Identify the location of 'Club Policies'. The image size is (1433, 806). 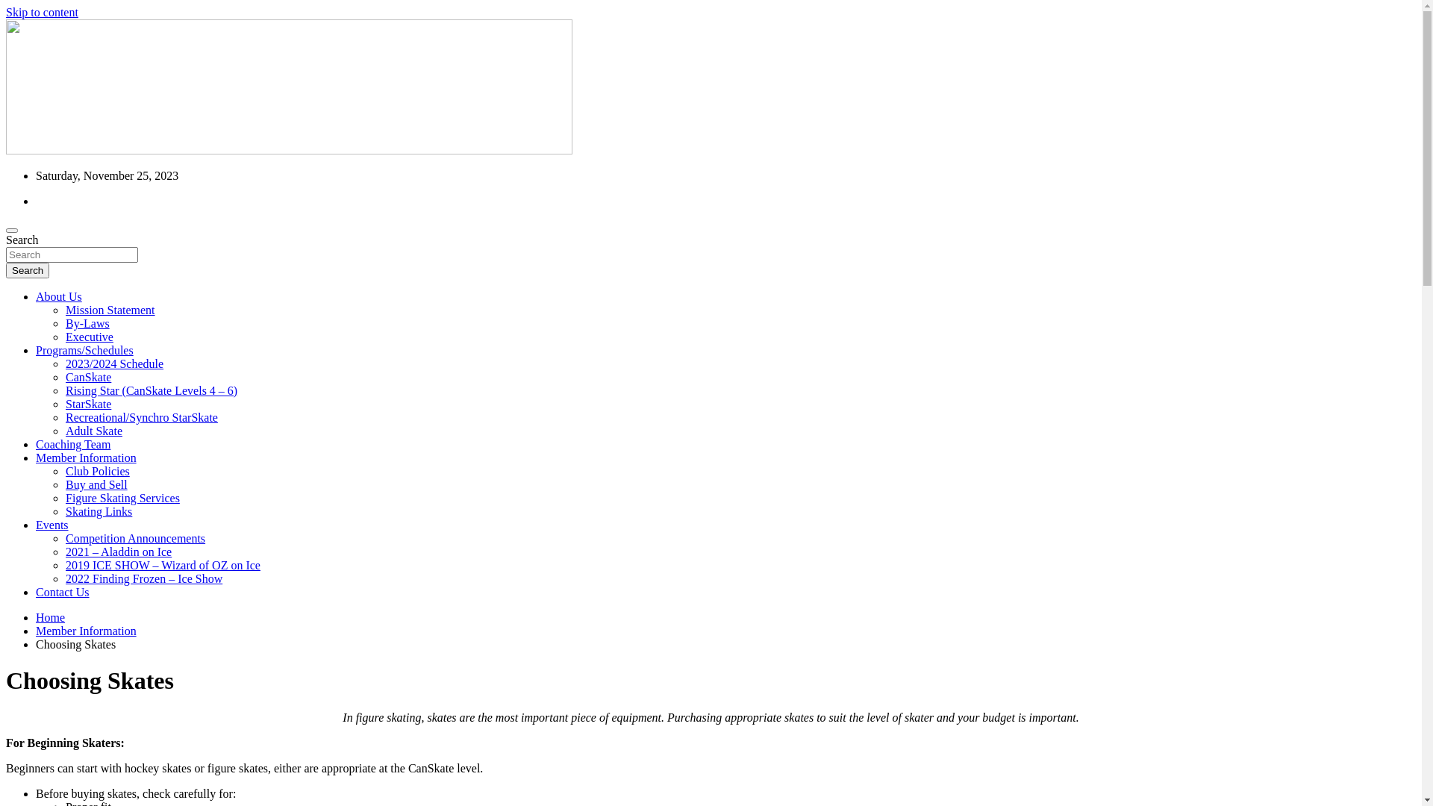
(64, 471).